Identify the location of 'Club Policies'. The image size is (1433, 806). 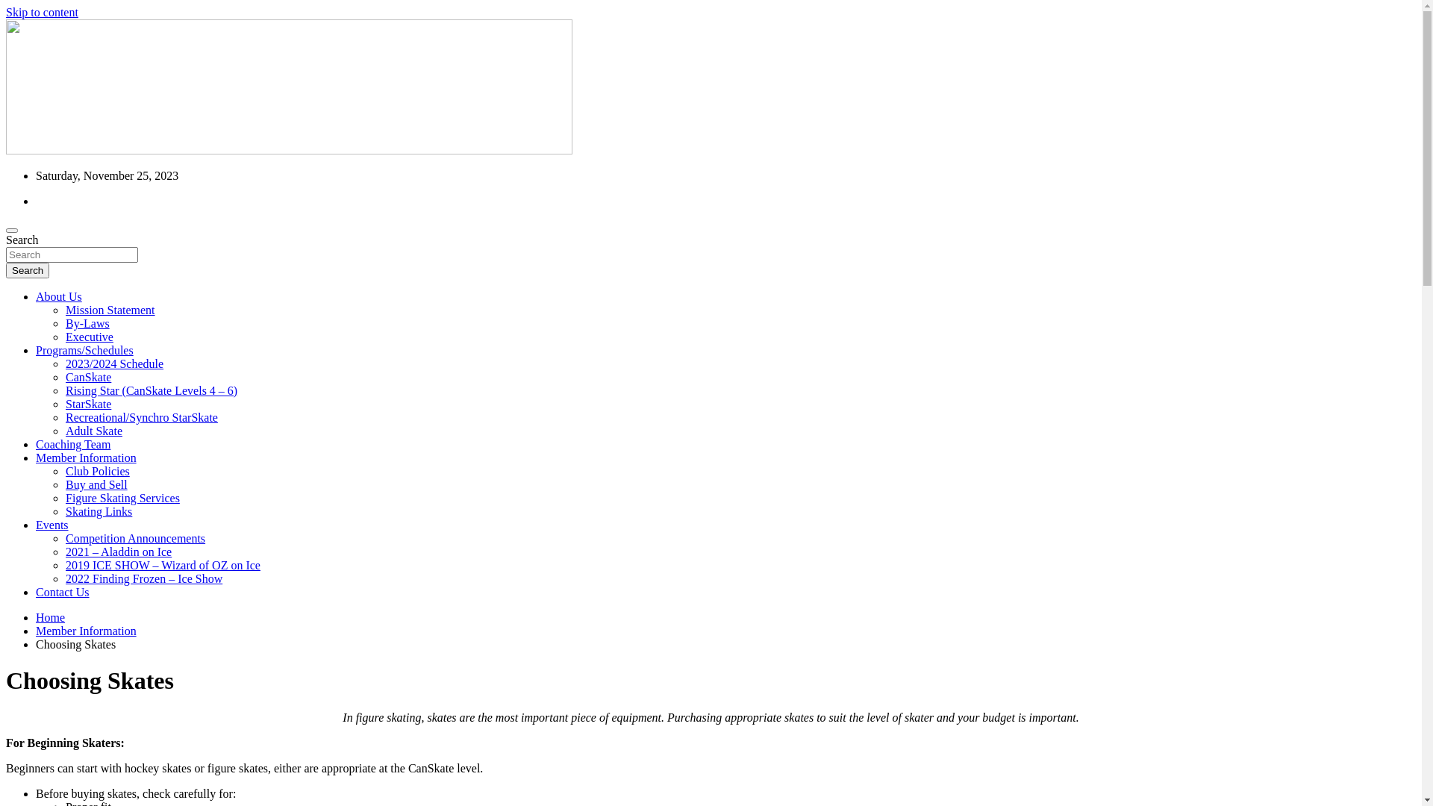
(64, 471).